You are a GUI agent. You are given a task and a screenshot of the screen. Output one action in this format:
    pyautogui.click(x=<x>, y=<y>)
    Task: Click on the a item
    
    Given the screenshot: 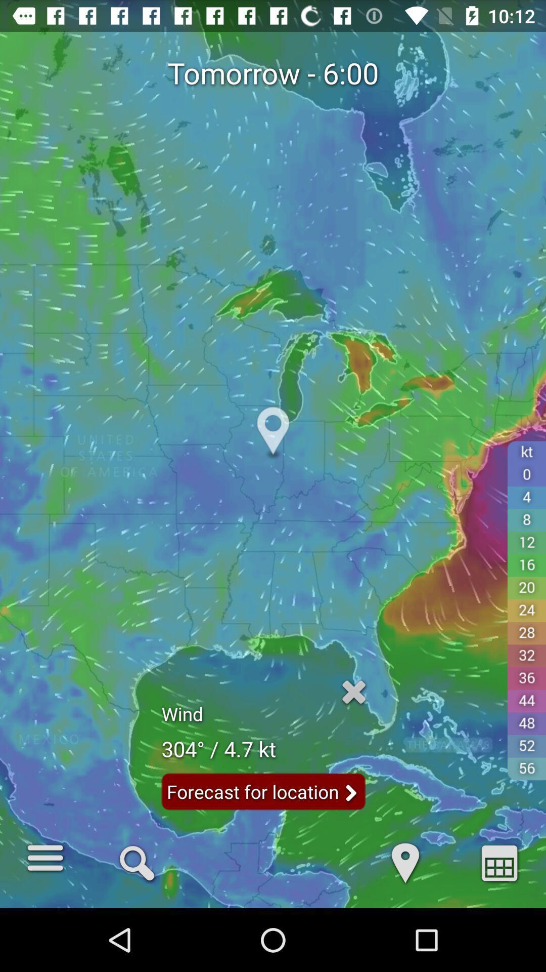 What is the action you would take?
    pyautogui.click(x=499, y=862)
    